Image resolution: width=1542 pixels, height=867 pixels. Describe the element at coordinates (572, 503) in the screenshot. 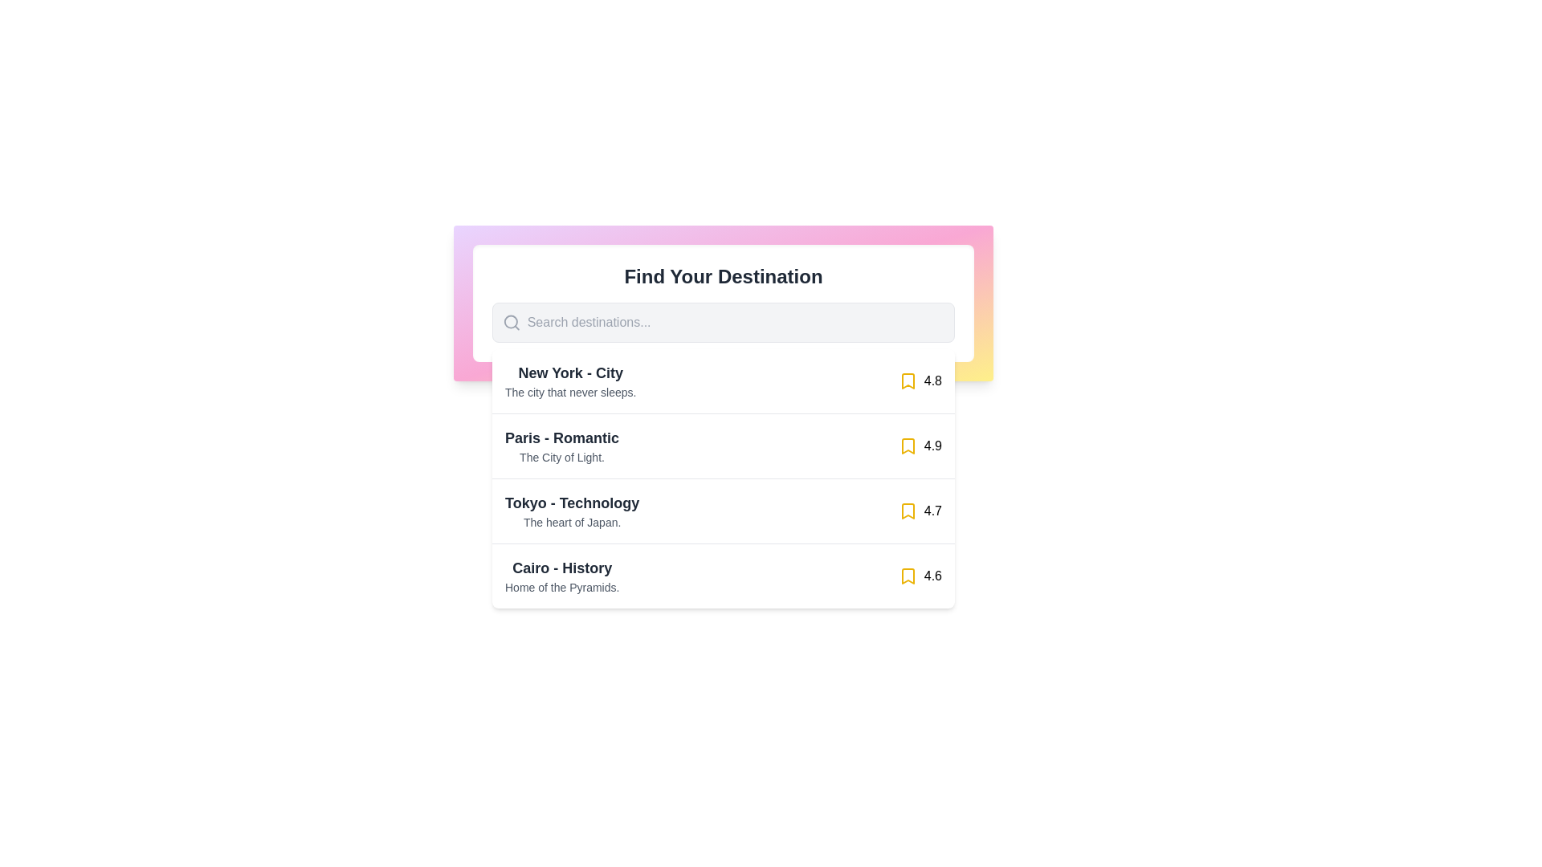

I see `the text label that reads 'Tokyo - Technology', which is styled as a bold, large, and dark gray heading, located above the description text in the third list item of the vertical list` at that location.